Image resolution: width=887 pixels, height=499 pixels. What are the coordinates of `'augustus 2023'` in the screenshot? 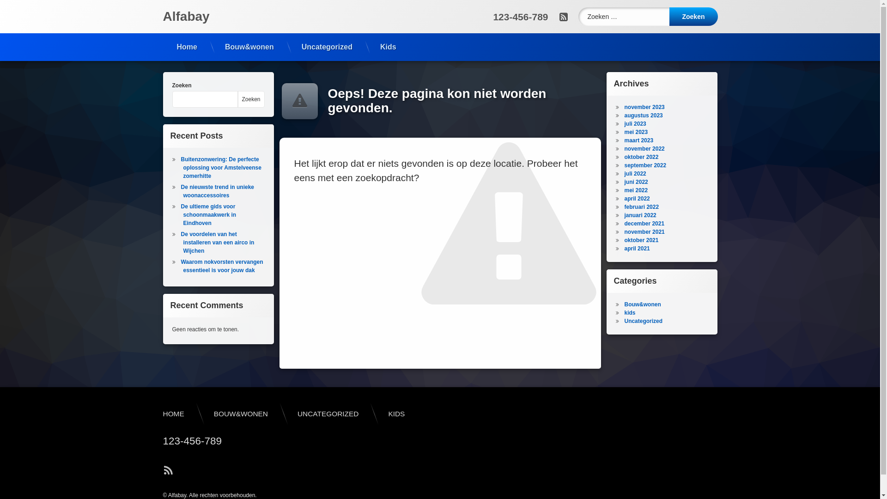 It's located at (643, 115).